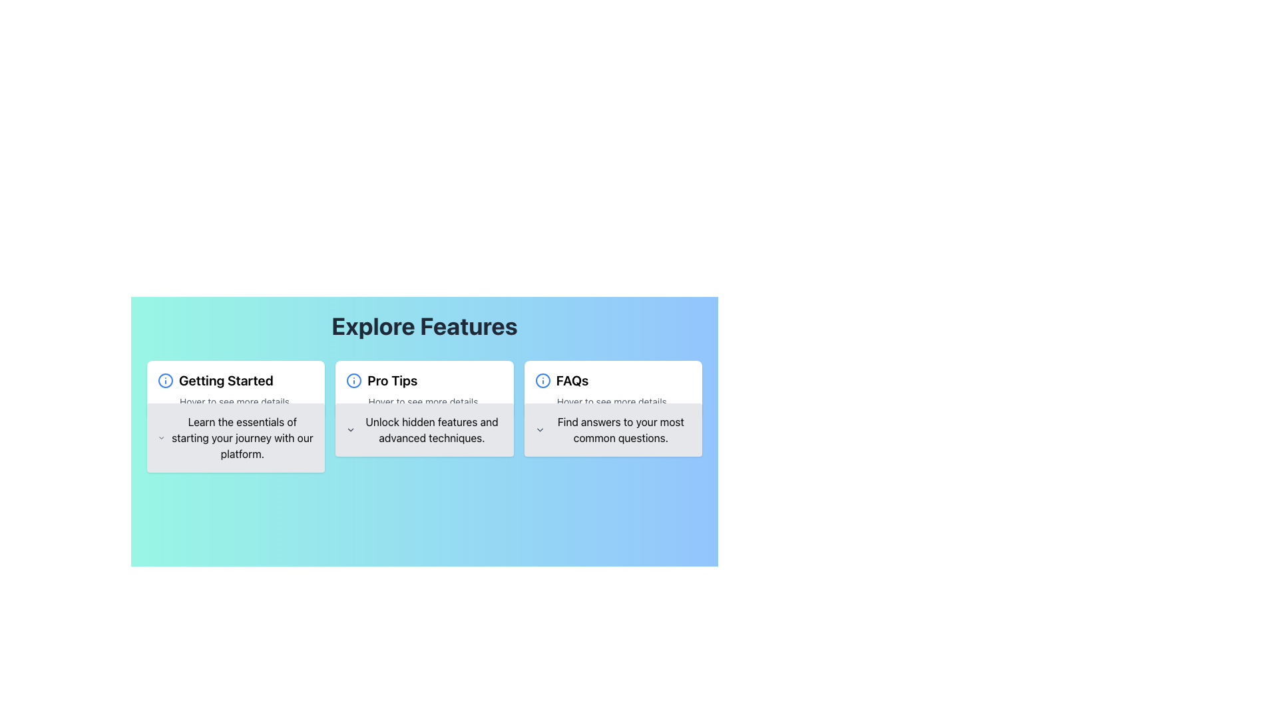  What do you see at coordinates (424, 429) in the screenshot?
I see `the downward-pointing chevron icon` at bounding box center [424, 429].